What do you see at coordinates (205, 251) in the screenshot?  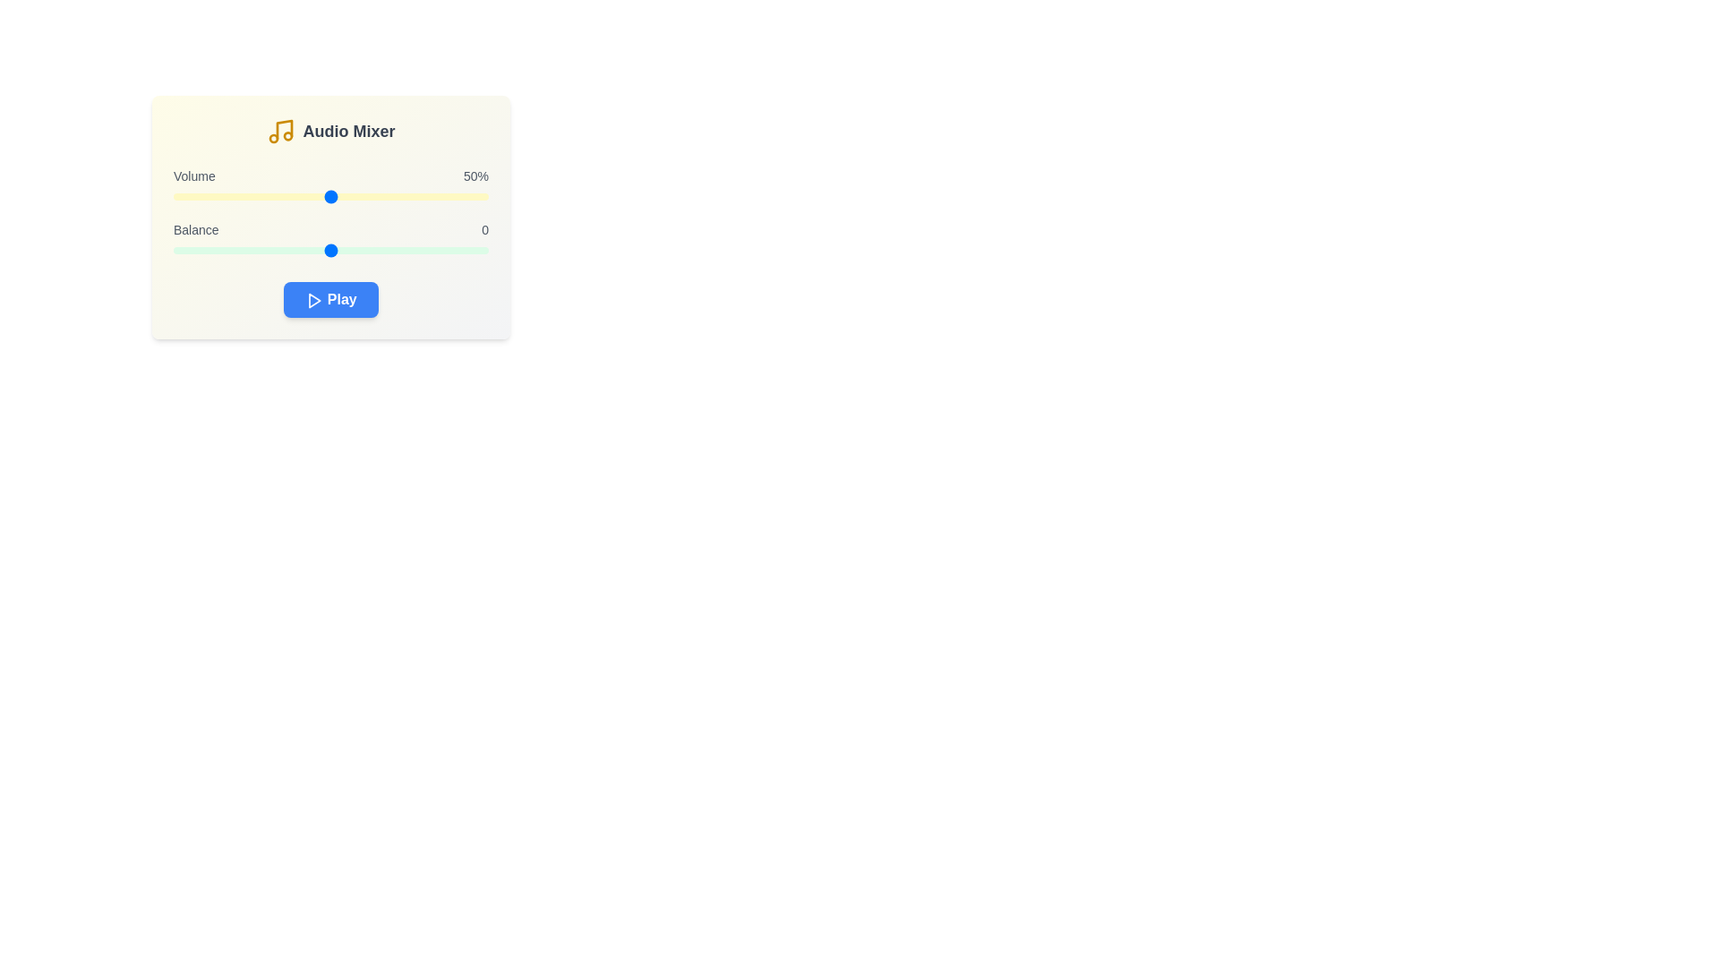 I see `balance` at bounding box center [205, 251].